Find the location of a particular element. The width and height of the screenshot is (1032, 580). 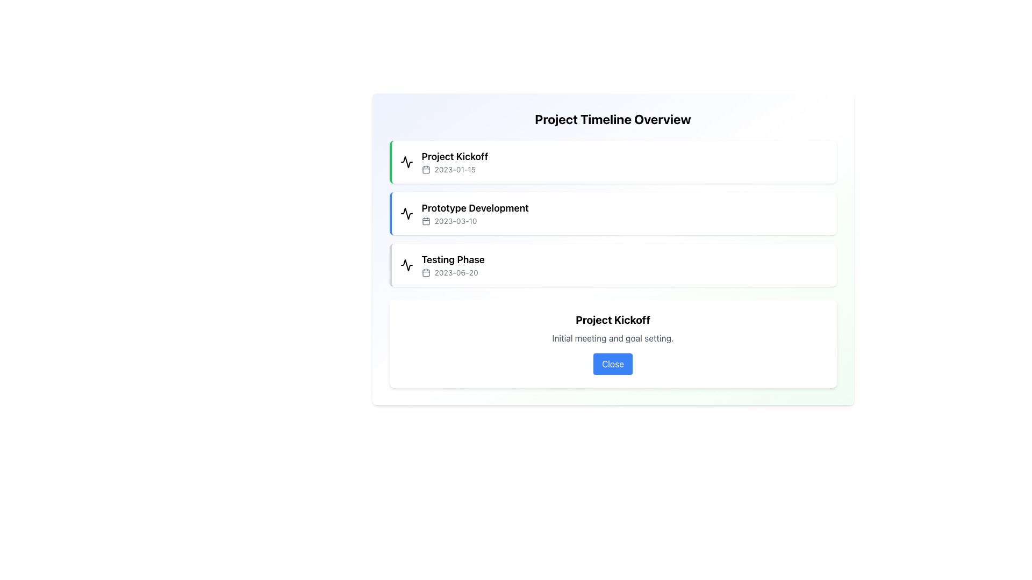

the 'Project Kickoff' timeline item which displays the date '2023-01-15' and has a calendar icon next to it is located at coordinates (455, 162).